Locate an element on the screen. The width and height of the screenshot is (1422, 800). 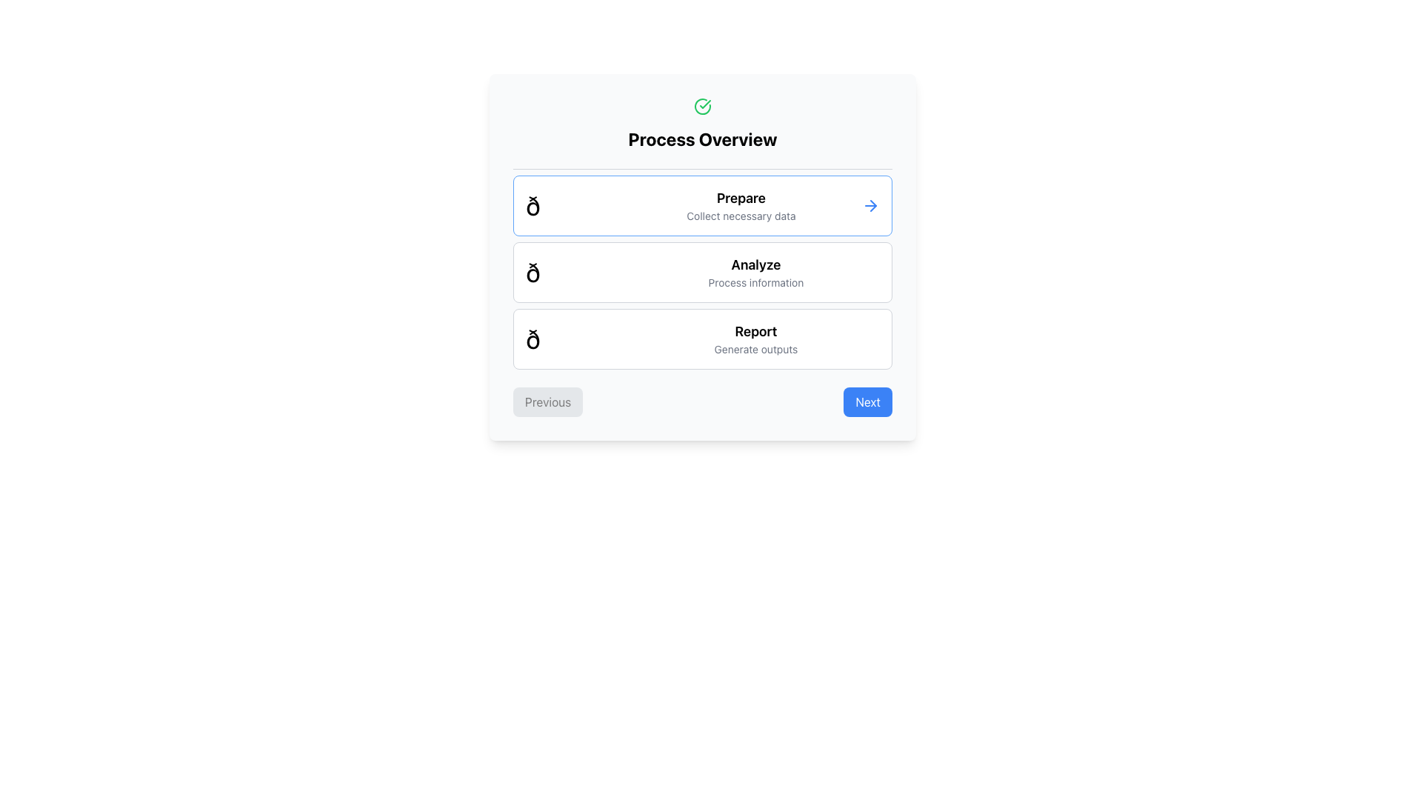
the second informational card labeled 'Analyze' in the 'Process Overview' section is located at coordinates (702, 272).